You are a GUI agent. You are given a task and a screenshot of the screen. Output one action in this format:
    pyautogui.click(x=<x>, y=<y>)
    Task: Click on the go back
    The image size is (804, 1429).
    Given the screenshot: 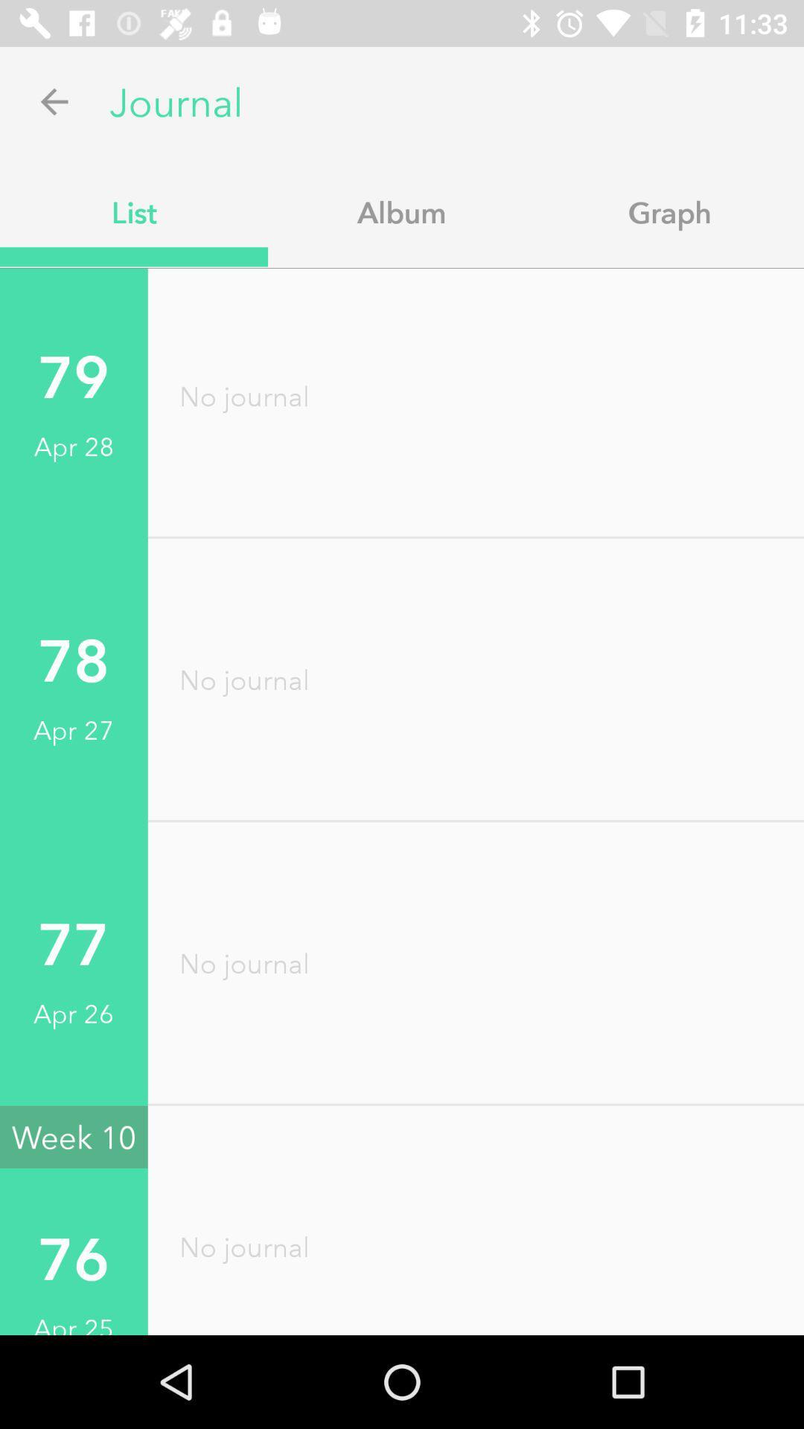 What is the action you would take?
    pyautogui.click(x=54, y=100)
    